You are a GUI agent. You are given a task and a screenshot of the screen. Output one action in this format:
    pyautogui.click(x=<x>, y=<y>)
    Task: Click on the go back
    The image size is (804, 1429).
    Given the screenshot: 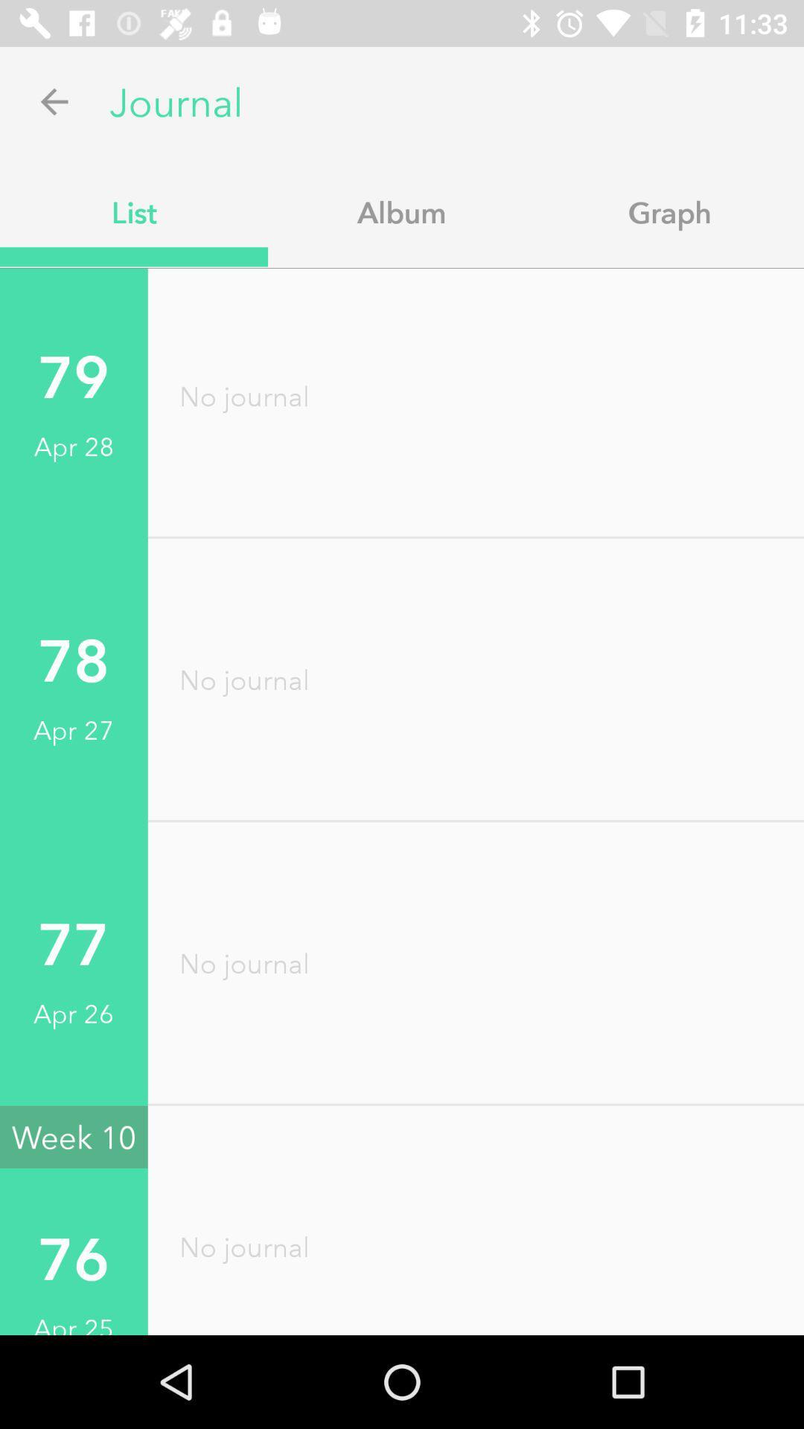 What is the action you would take?
    pyautogui.click(x=54, y=100)
    